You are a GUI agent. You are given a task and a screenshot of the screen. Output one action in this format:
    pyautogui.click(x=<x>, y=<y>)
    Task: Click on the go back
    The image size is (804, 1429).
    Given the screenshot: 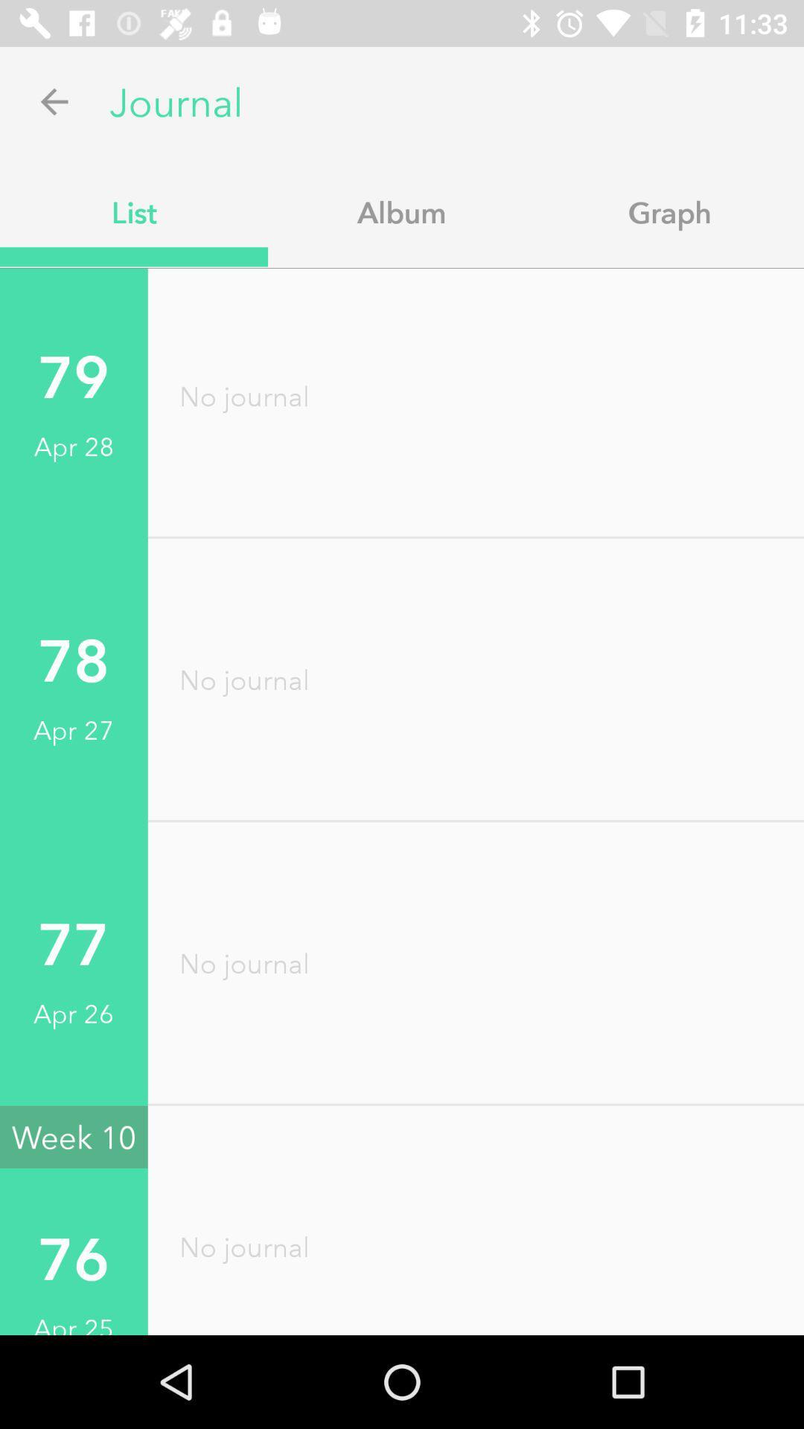 What is the action you would take?
    pyautogui.click(x=54, y=100)
    